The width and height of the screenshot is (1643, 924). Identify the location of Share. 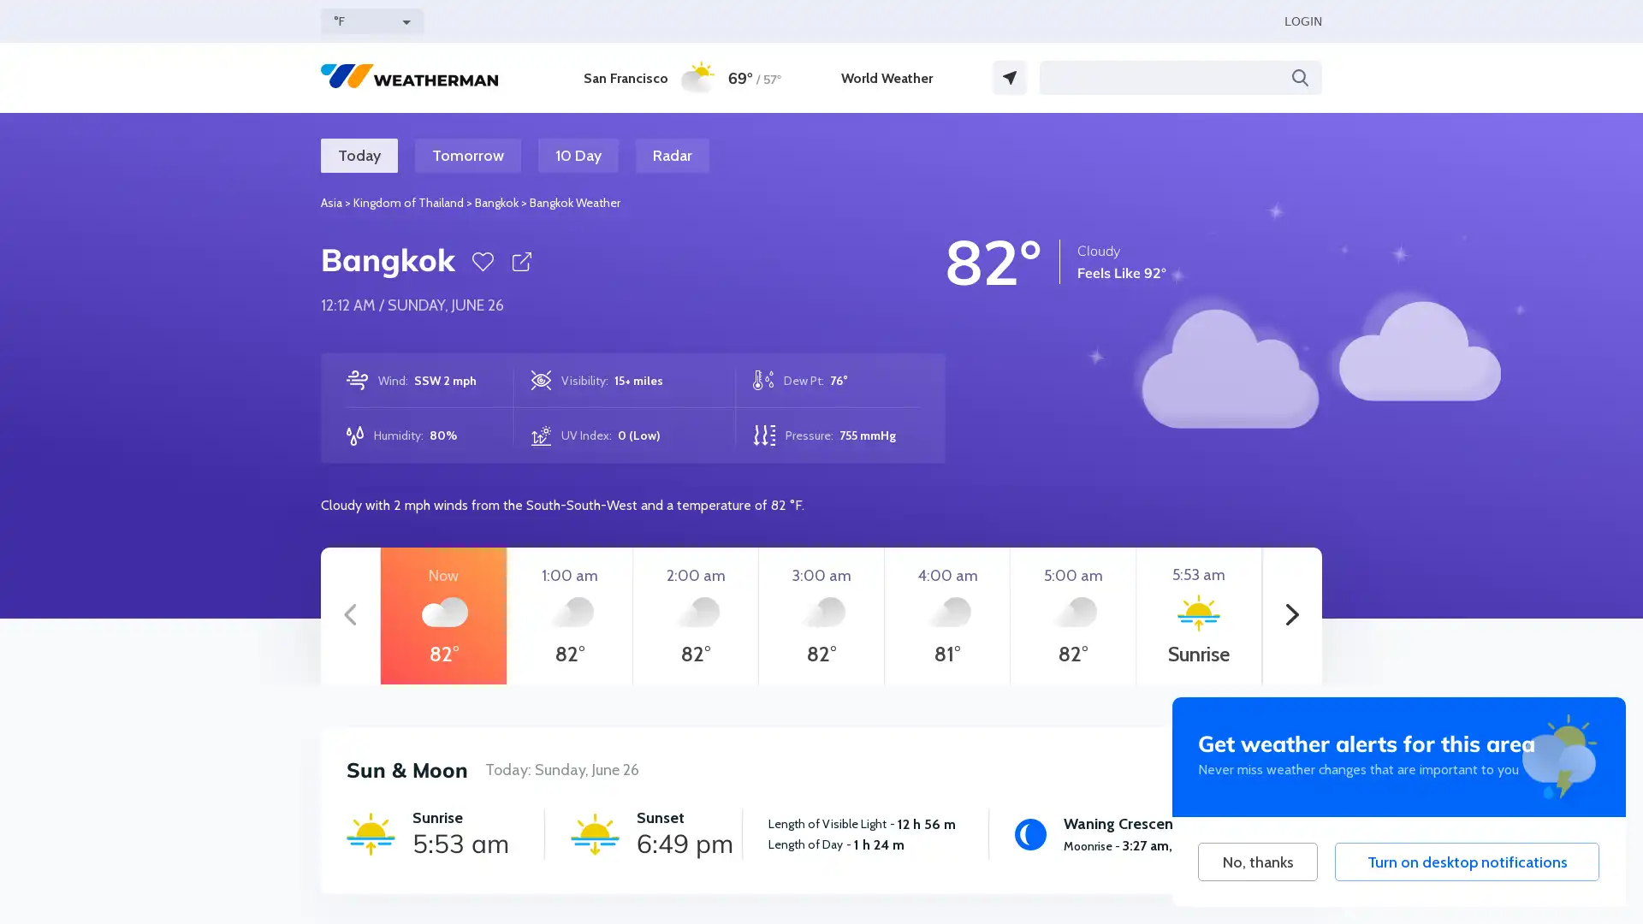
(520, 261).